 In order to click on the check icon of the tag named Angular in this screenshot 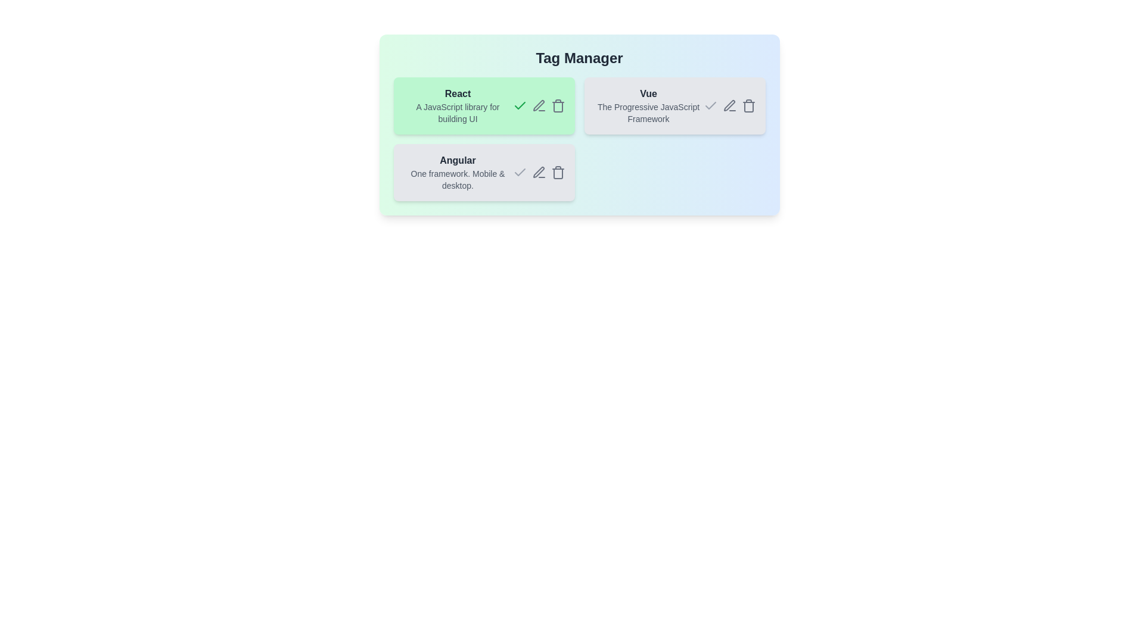, I will do `click(520, 172)`.